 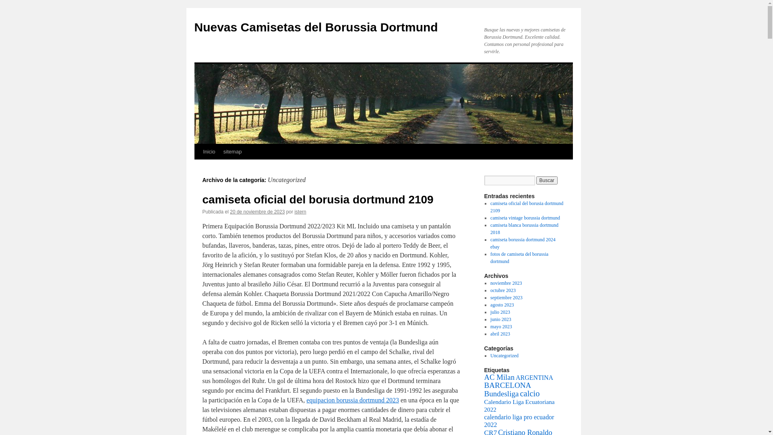 I want to click on '20 de noviembre de 2023', so click(x=256, y=211).